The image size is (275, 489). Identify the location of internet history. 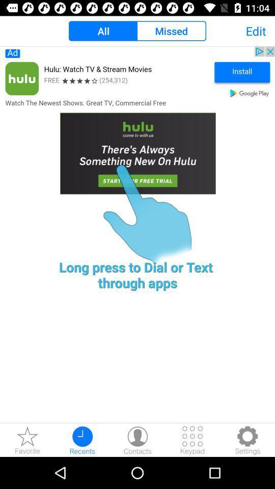
(82, 440).